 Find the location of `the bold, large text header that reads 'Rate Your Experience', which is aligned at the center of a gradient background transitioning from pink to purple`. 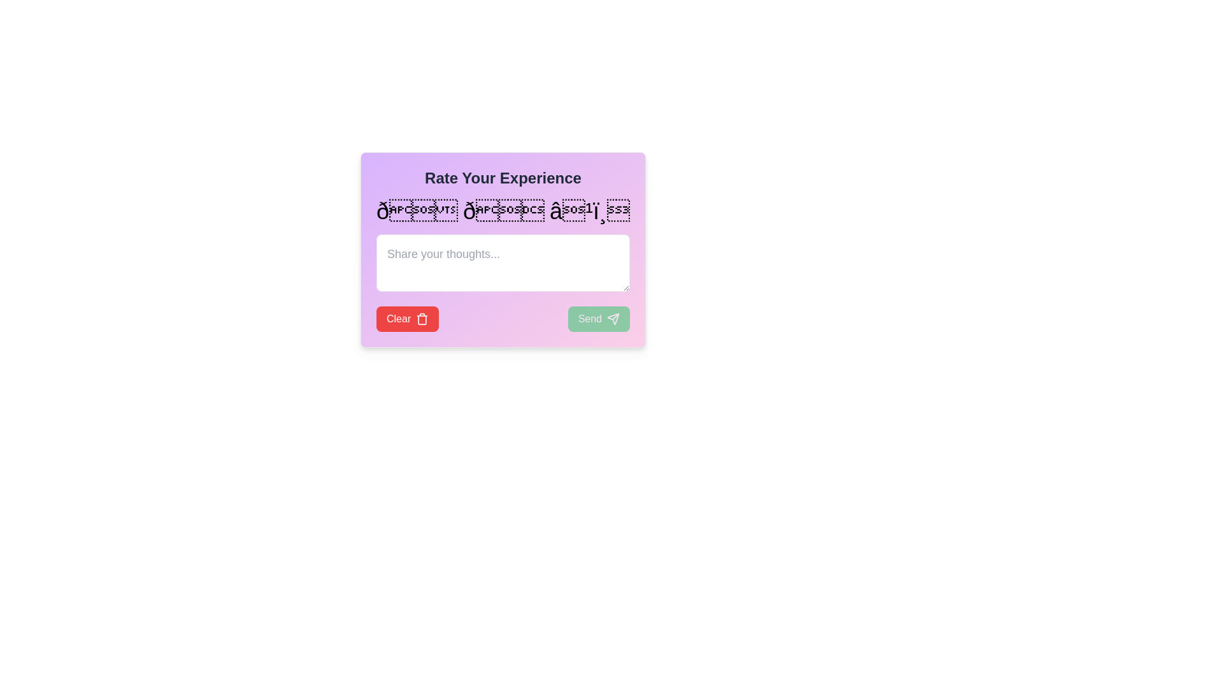

the bold, large text header that reads 'Rate Your Experience', which is aligned at the center of a gradient background transitioning from pink to purple is located at coordinates (503, 178).